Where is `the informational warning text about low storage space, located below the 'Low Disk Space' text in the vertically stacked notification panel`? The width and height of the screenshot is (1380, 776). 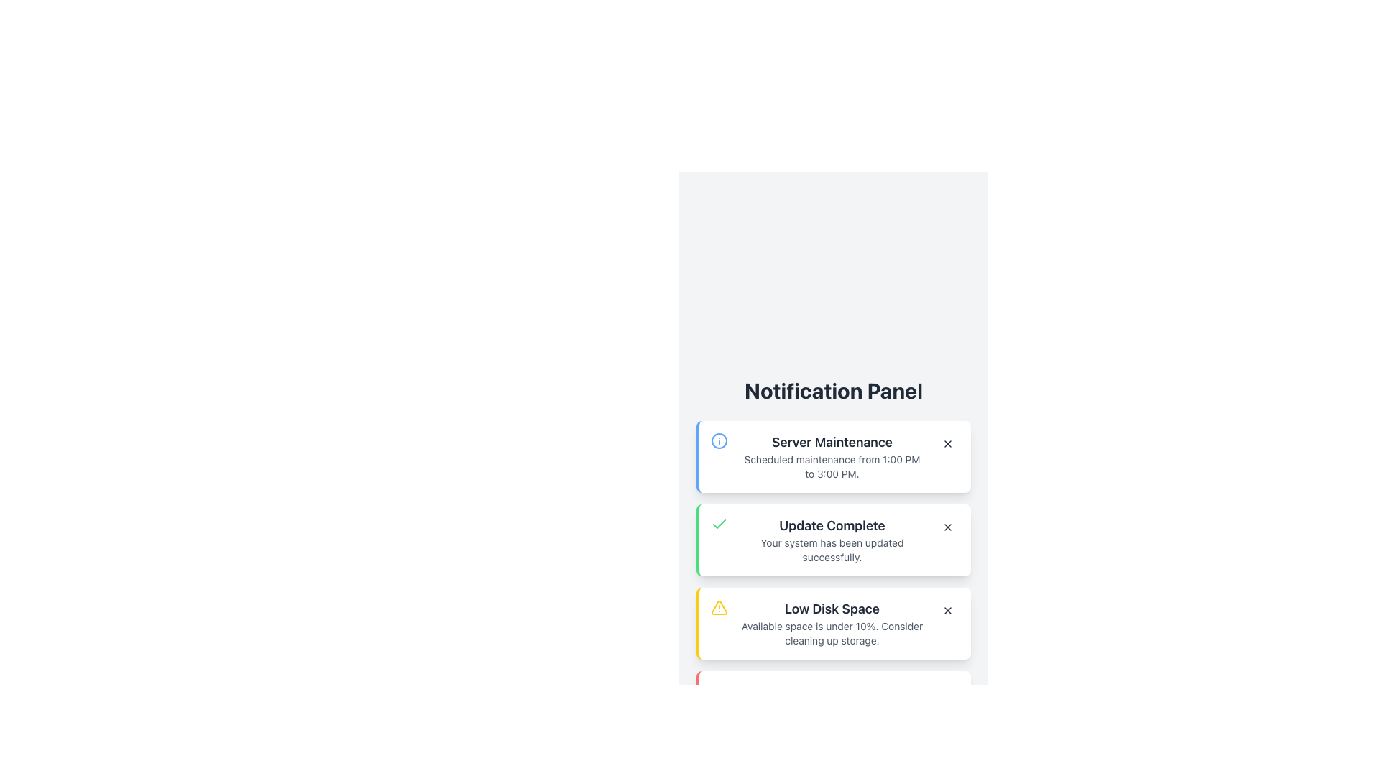 the informational warning text about low storage space, located below the 'Low Disk Space' text in the vertically stacked notification panel is located at coordinates (832, 633).